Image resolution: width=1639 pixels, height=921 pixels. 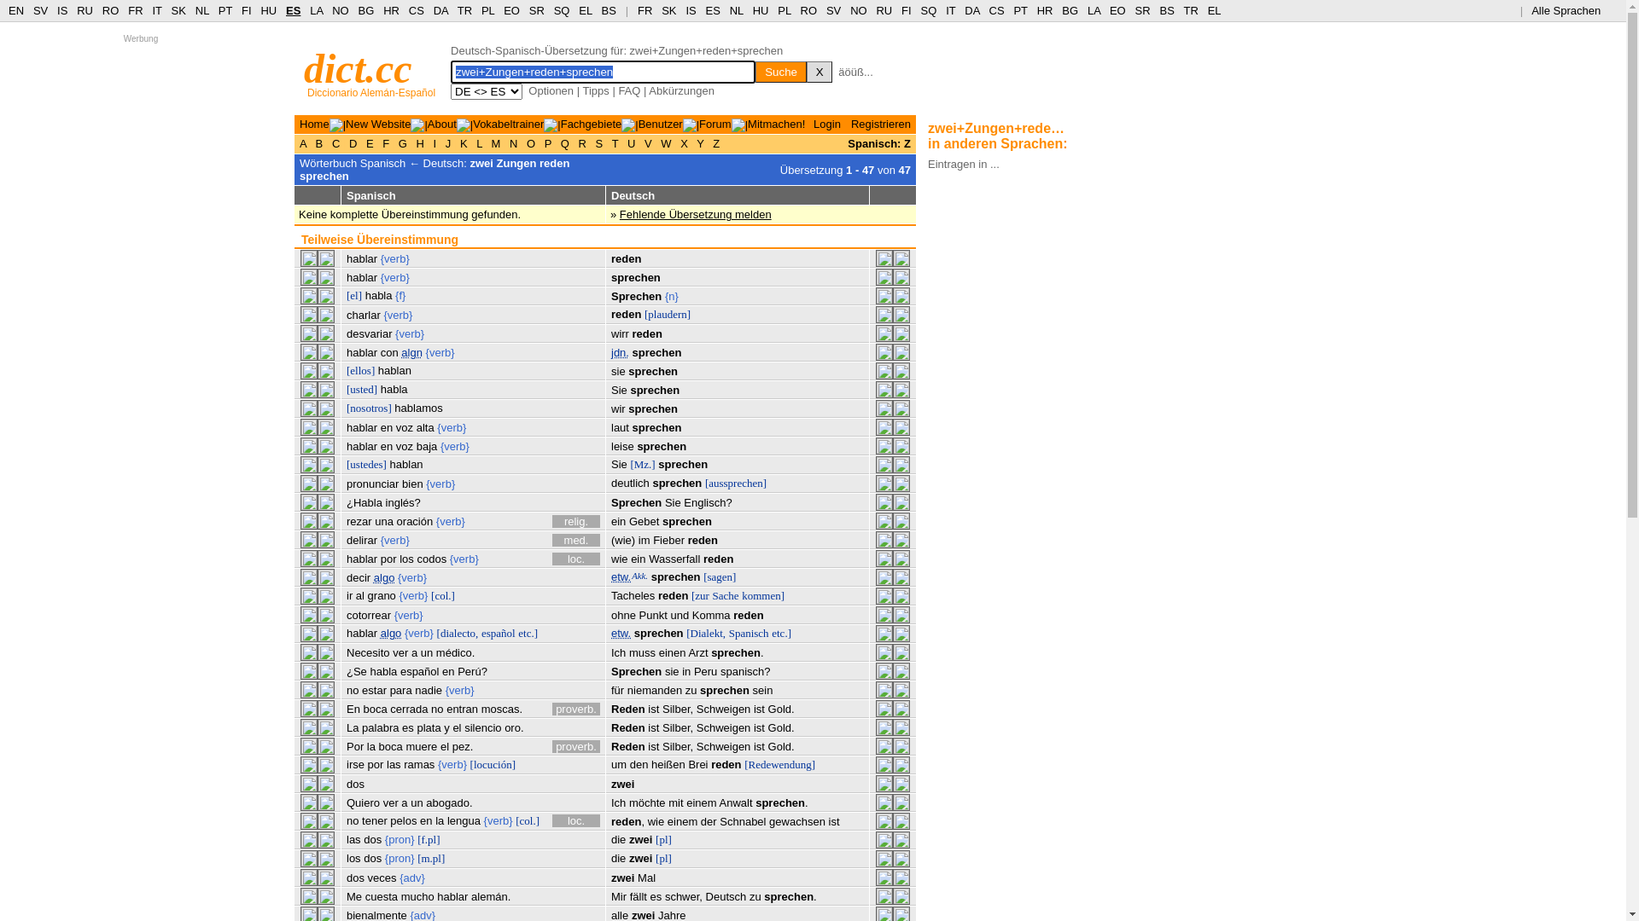 I want to click on 'el', so click(x=445, y=745).